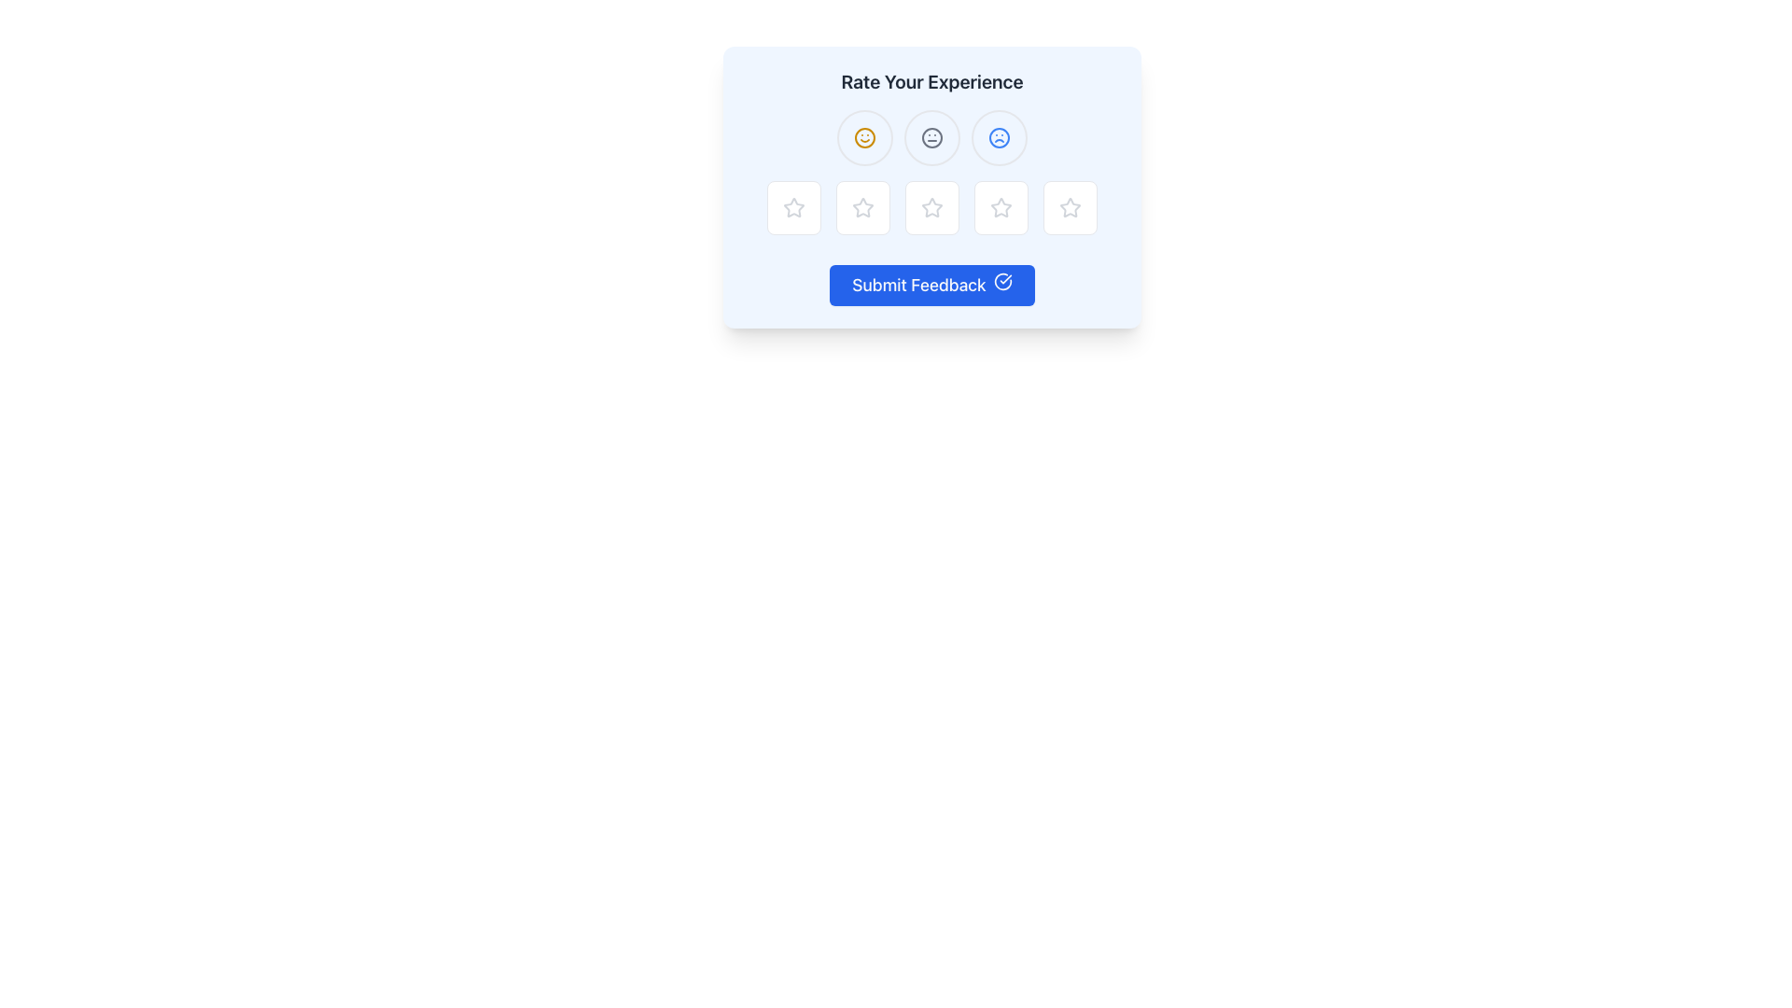  What do you see at coordinates (1001, 281) in the screenshot?
I see `the success icon located within the 'Submit Feedback' button, which is positioned towards the right edge adjacent to the text 'Submit Feedback'` at bounding box center [1001, 281].